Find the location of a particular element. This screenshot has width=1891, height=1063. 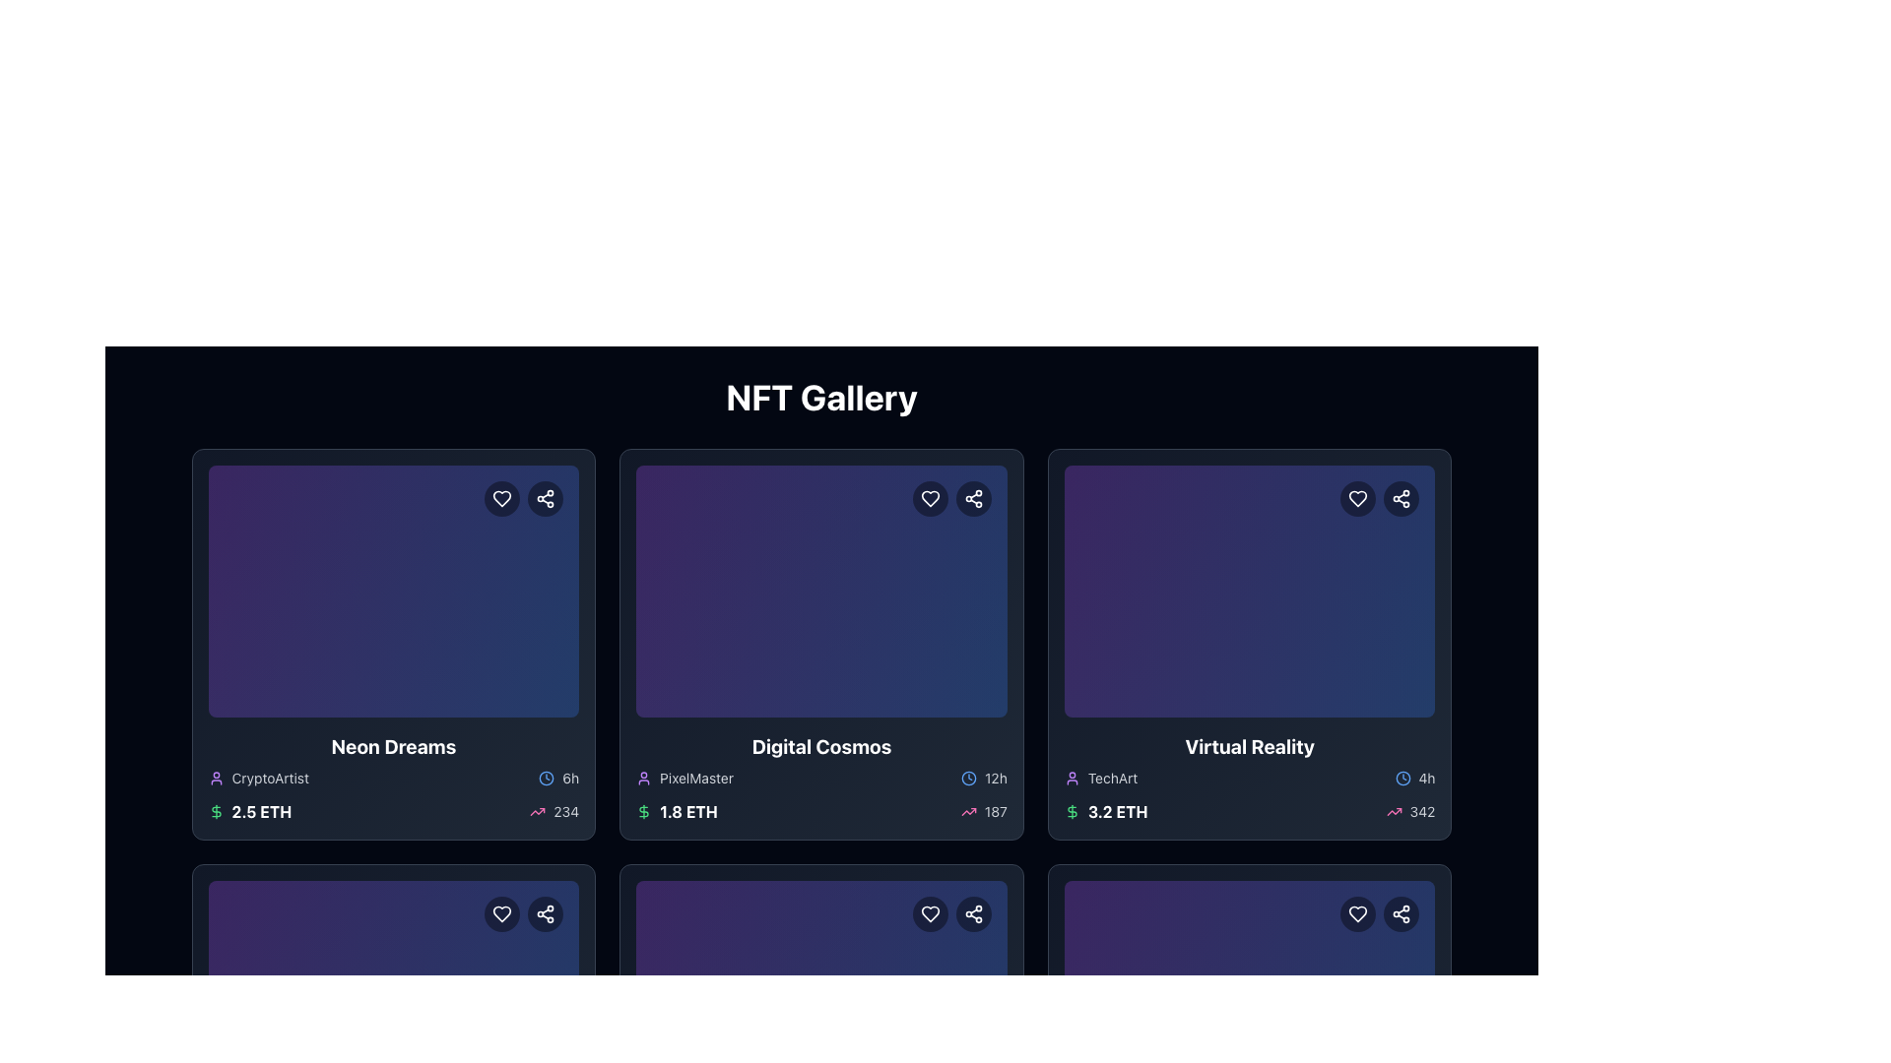

the circular dark button with a white heart icon located at the top right corner of the 'Neon Dreams' card is located at coordinates (502, 497).